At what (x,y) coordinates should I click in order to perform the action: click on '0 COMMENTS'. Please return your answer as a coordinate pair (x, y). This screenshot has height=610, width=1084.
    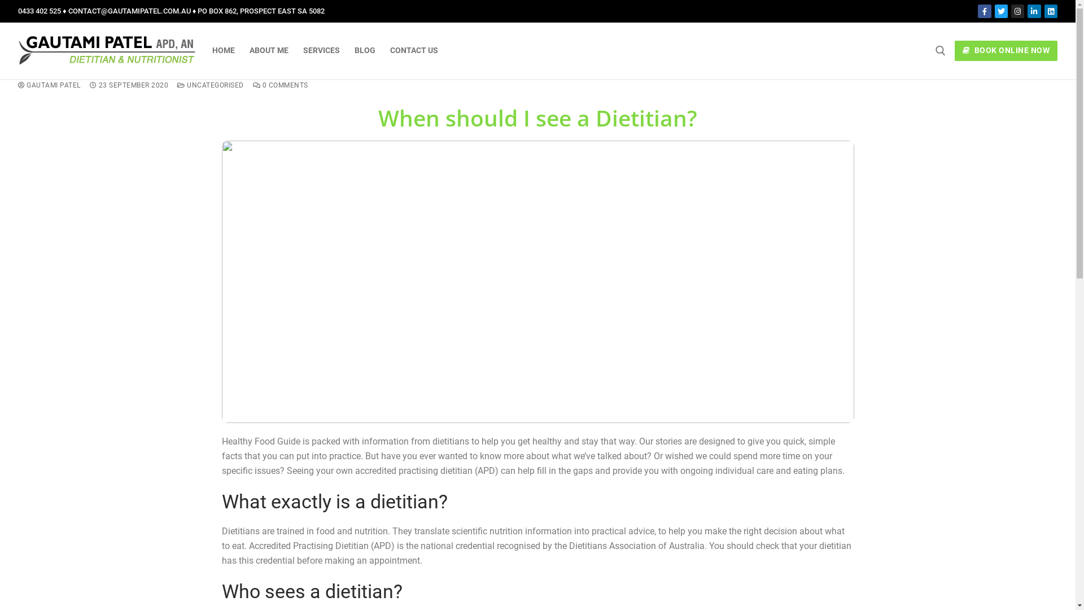
    Looking at the image, I should click on (281, 84).